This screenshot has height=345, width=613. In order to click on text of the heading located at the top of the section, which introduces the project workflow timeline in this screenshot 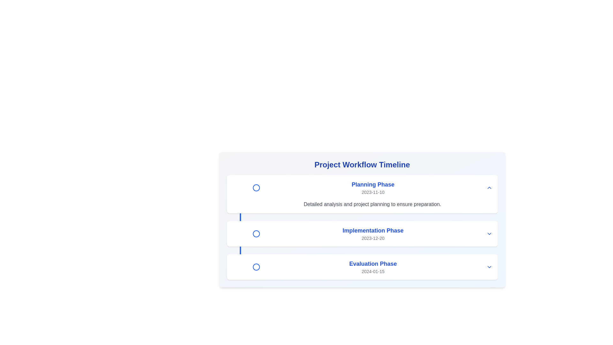, I will do `click(362, 165)`.